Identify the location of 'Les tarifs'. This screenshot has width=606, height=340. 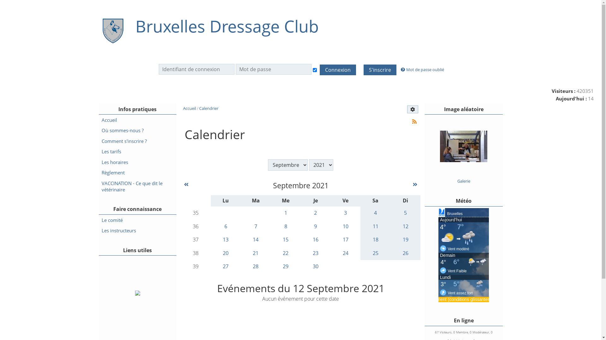
(137, 152).